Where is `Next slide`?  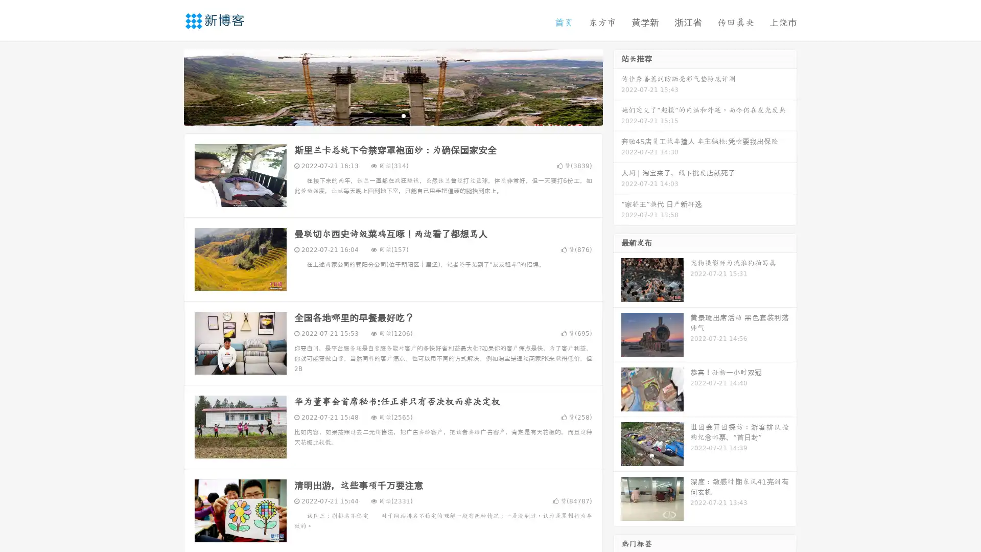
Next slide is located at coordinates (617, 86).